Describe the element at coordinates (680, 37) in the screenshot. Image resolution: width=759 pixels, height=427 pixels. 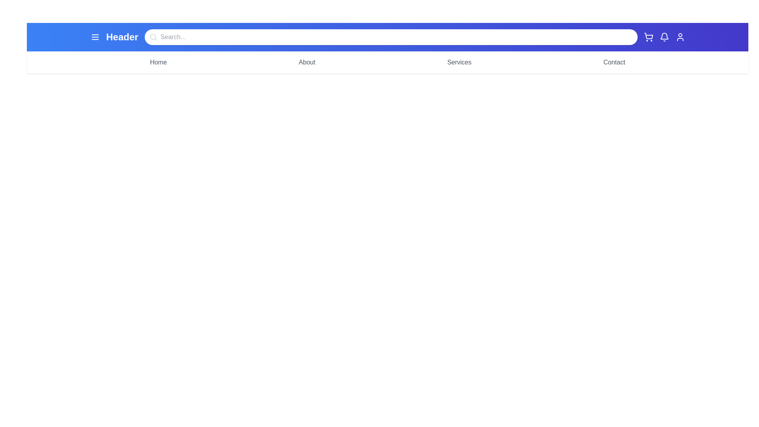
I see `the user profile icon located at the top right corner of the app bar` at that location.